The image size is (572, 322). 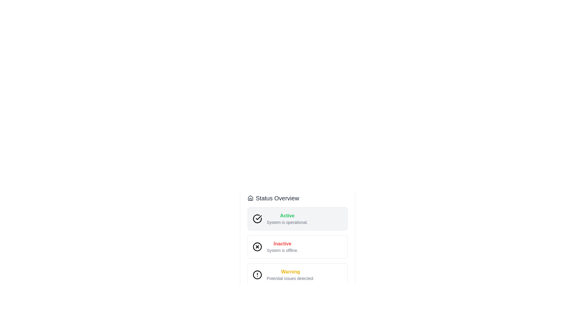 What do you see at coordinates (257, 247) in the screenshot?
I see `the visual status indicator icon that symbolizes the inactive state of the system, which is positioned to the left of the text 'Inactive System is offline.'` at bounding box center [257, 247].